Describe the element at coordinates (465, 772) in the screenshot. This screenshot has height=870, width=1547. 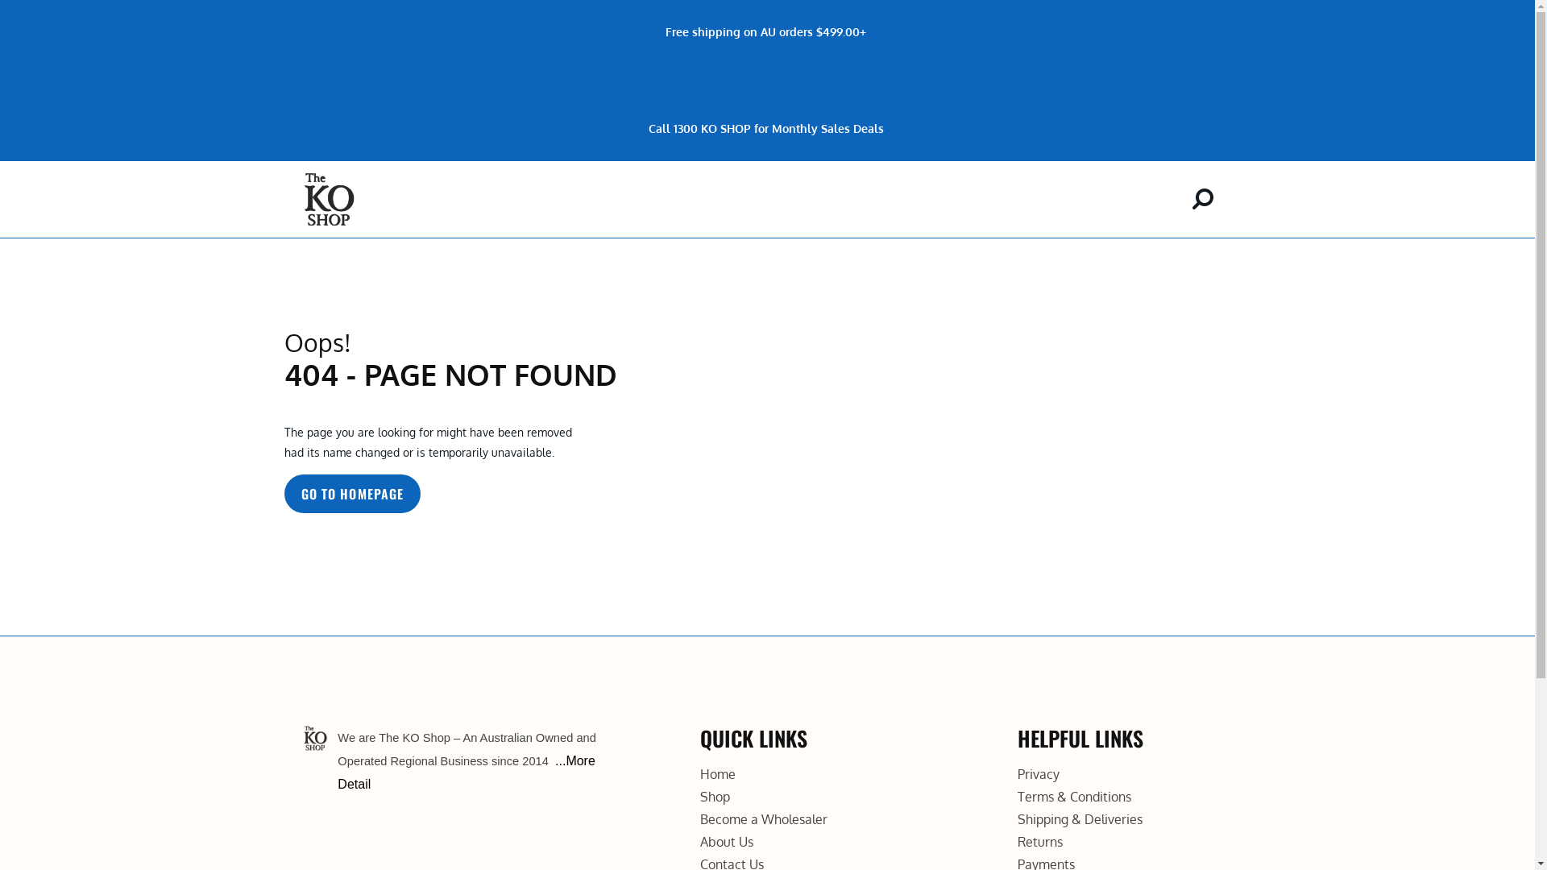
I see `'...More Detail'` at that location.